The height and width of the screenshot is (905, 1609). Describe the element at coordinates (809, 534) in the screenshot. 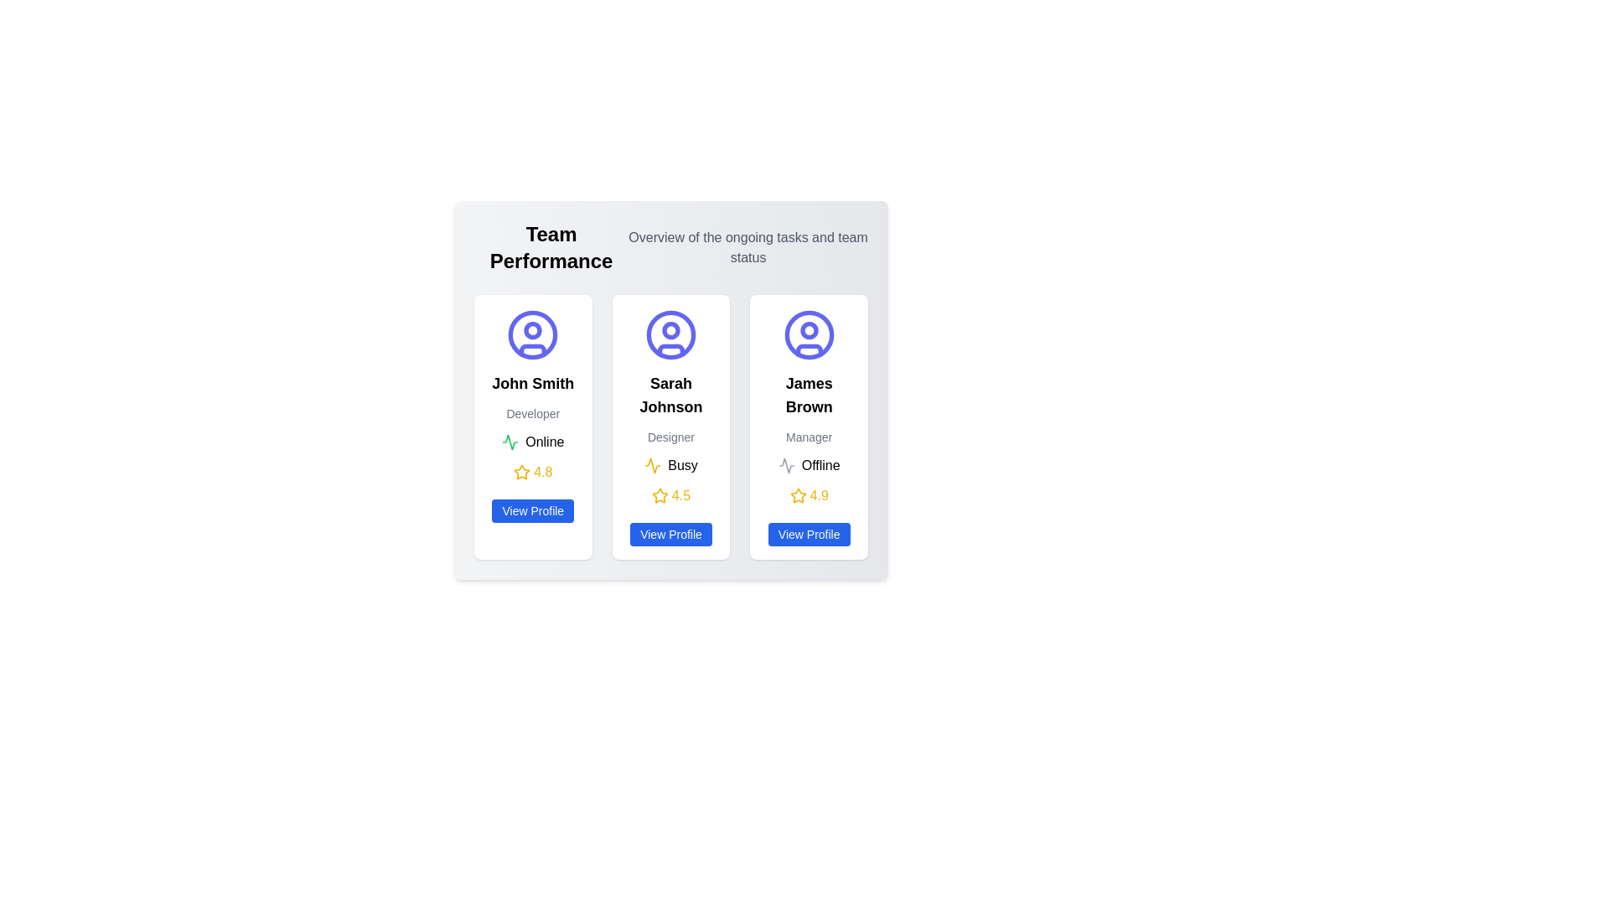

I see `the call-to-action button located at the bottom of the card representing 'James Brown', who is offline with a rating of 4.9` at that location.